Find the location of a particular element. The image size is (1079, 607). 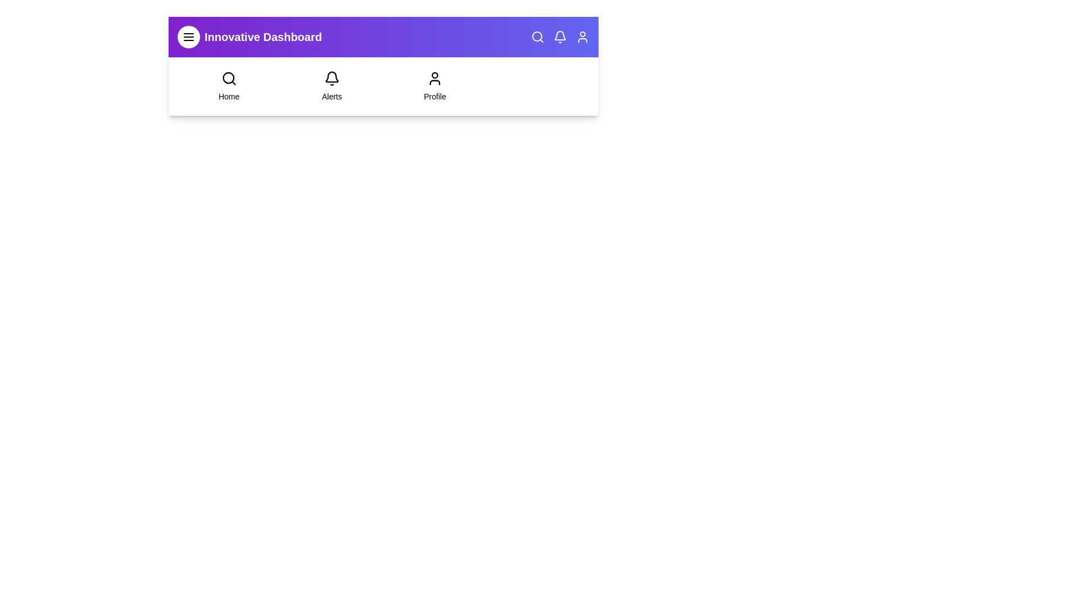

the menu icon to toggle the menu visibility is located at coordinates (189, 36).